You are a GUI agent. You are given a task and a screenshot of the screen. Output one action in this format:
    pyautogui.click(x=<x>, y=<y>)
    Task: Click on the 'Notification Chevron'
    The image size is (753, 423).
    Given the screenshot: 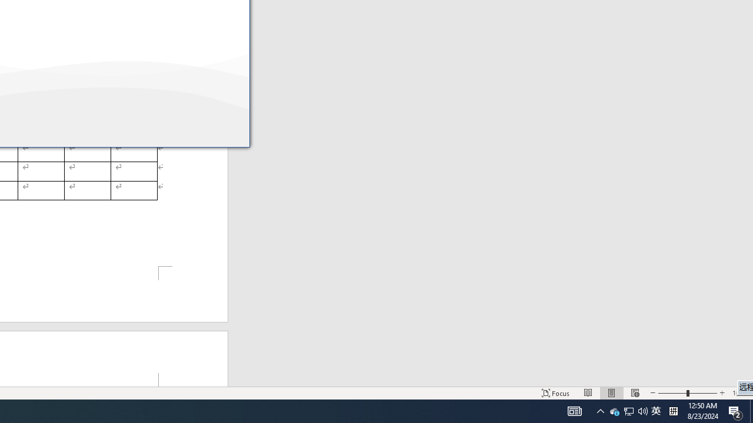 What is the action you would take?
    pyautogui.click(x=628, y=410)
    